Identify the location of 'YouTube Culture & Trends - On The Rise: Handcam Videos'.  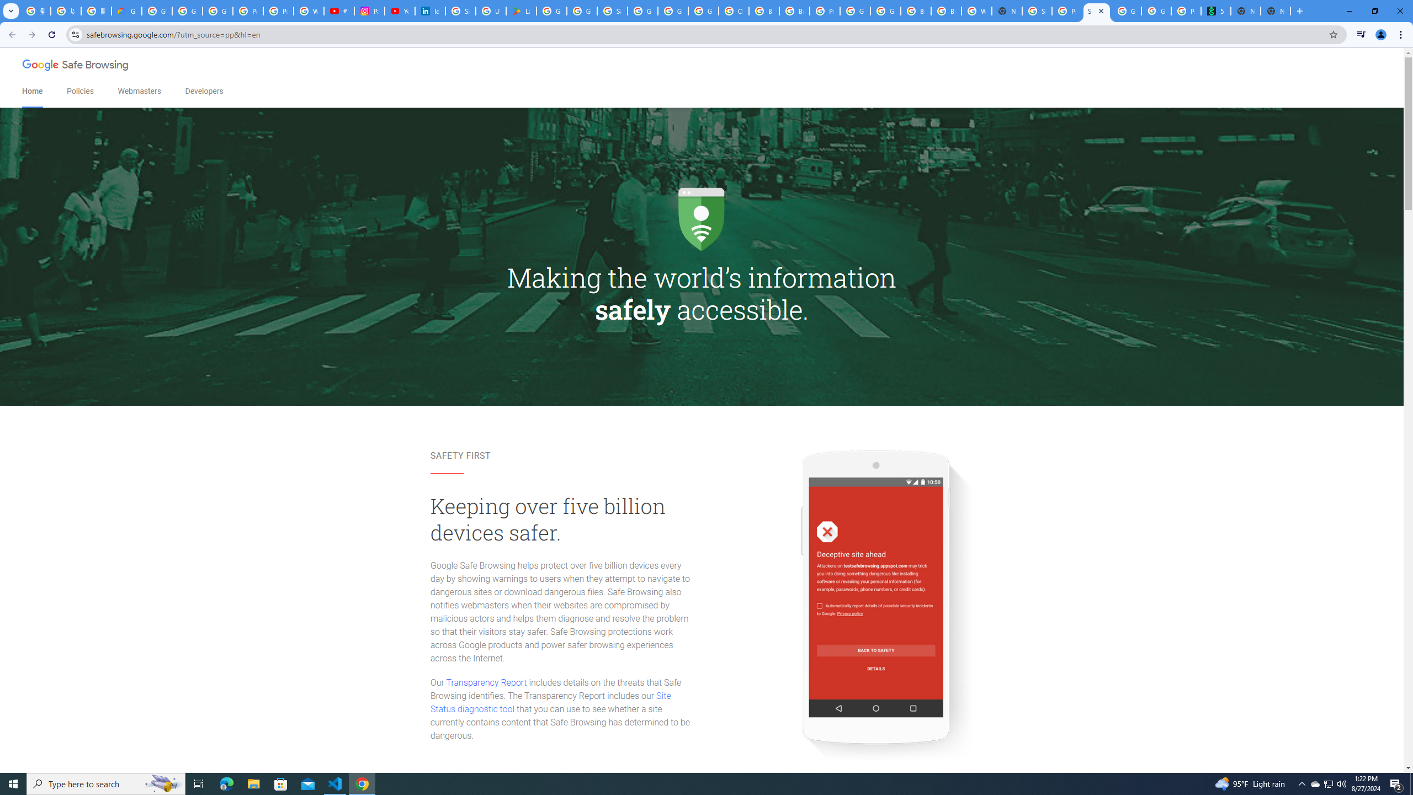
(399, 10).